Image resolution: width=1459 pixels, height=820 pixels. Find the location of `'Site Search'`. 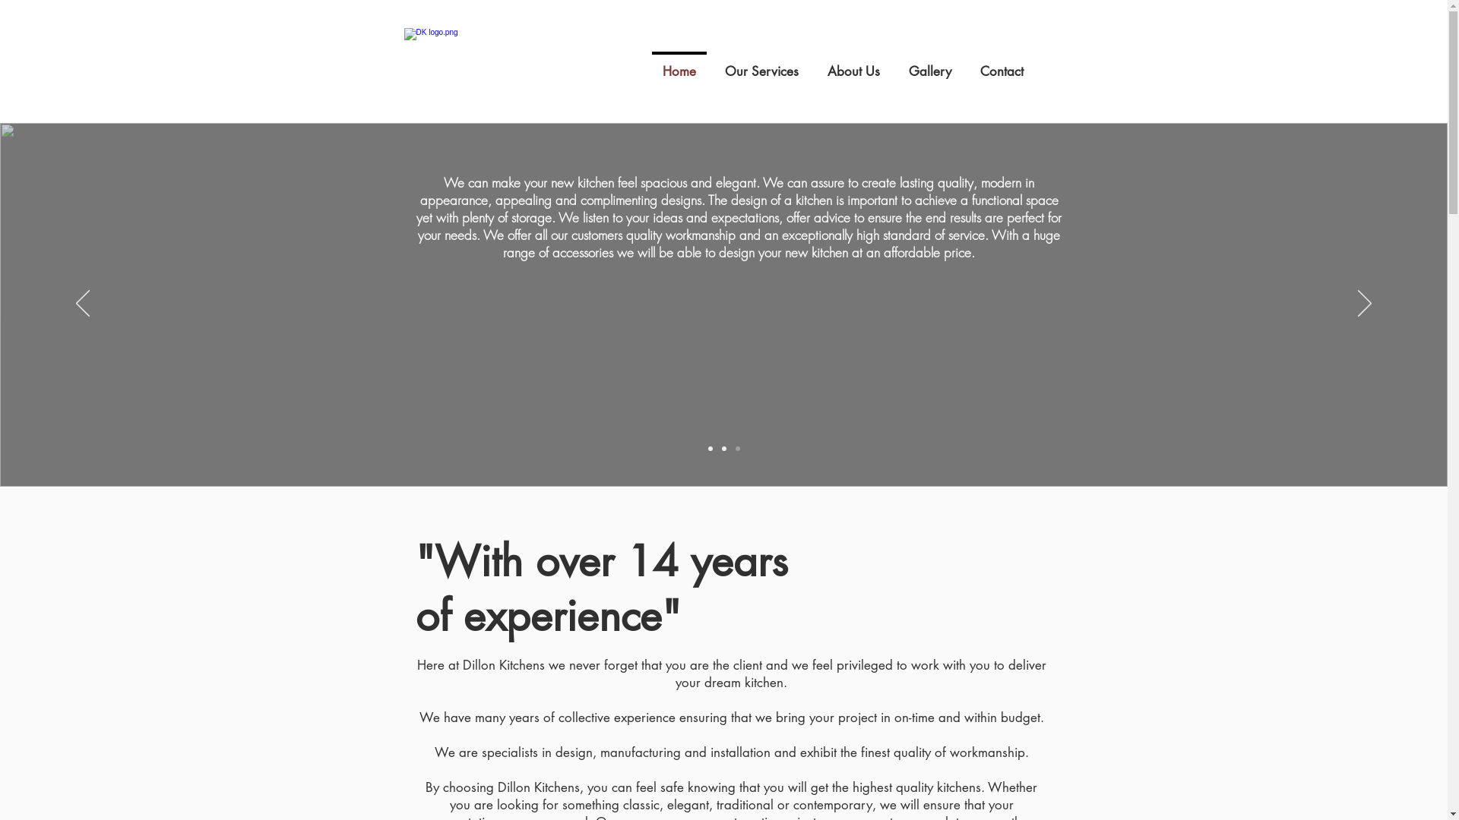

'Site Search' is located at coordinates (365, 108).